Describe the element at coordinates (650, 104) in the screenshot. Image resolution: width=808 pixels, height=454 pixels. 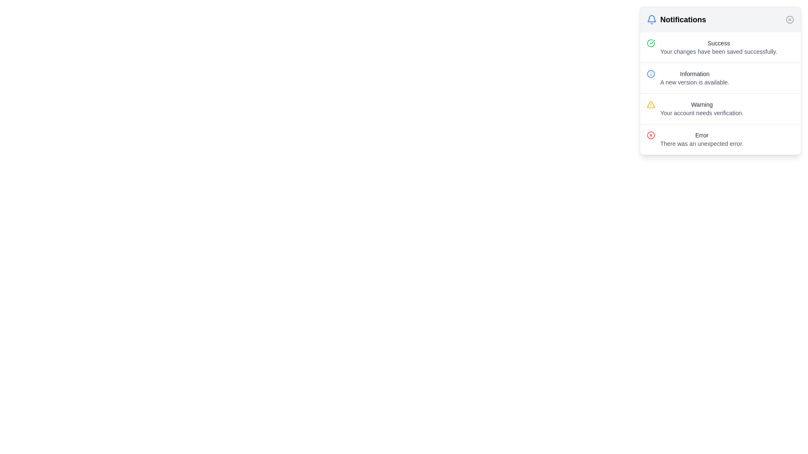
I see `the triangular warning icon in the notification panel` at that location.